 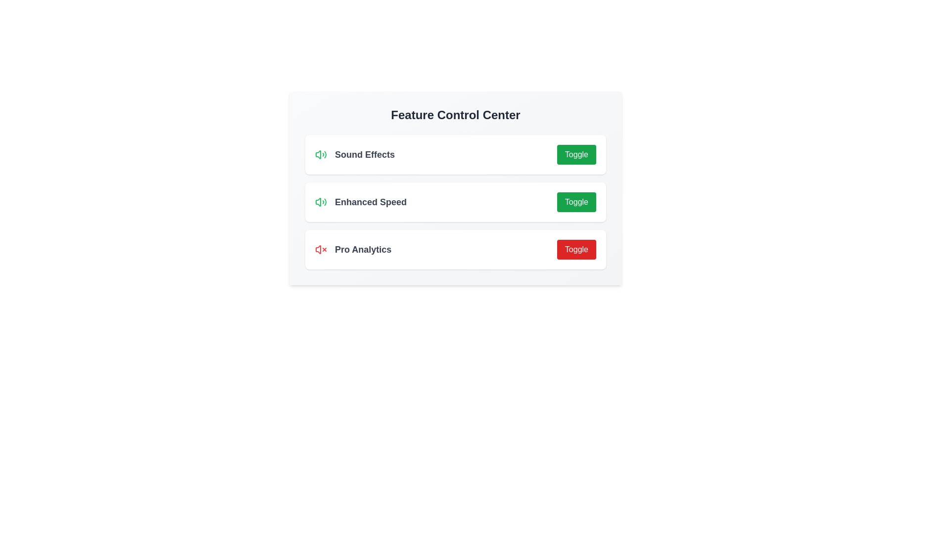 I want to click on the header text 'Feature Control Center' to confirm the component's identity, so click(x=455, y=114).